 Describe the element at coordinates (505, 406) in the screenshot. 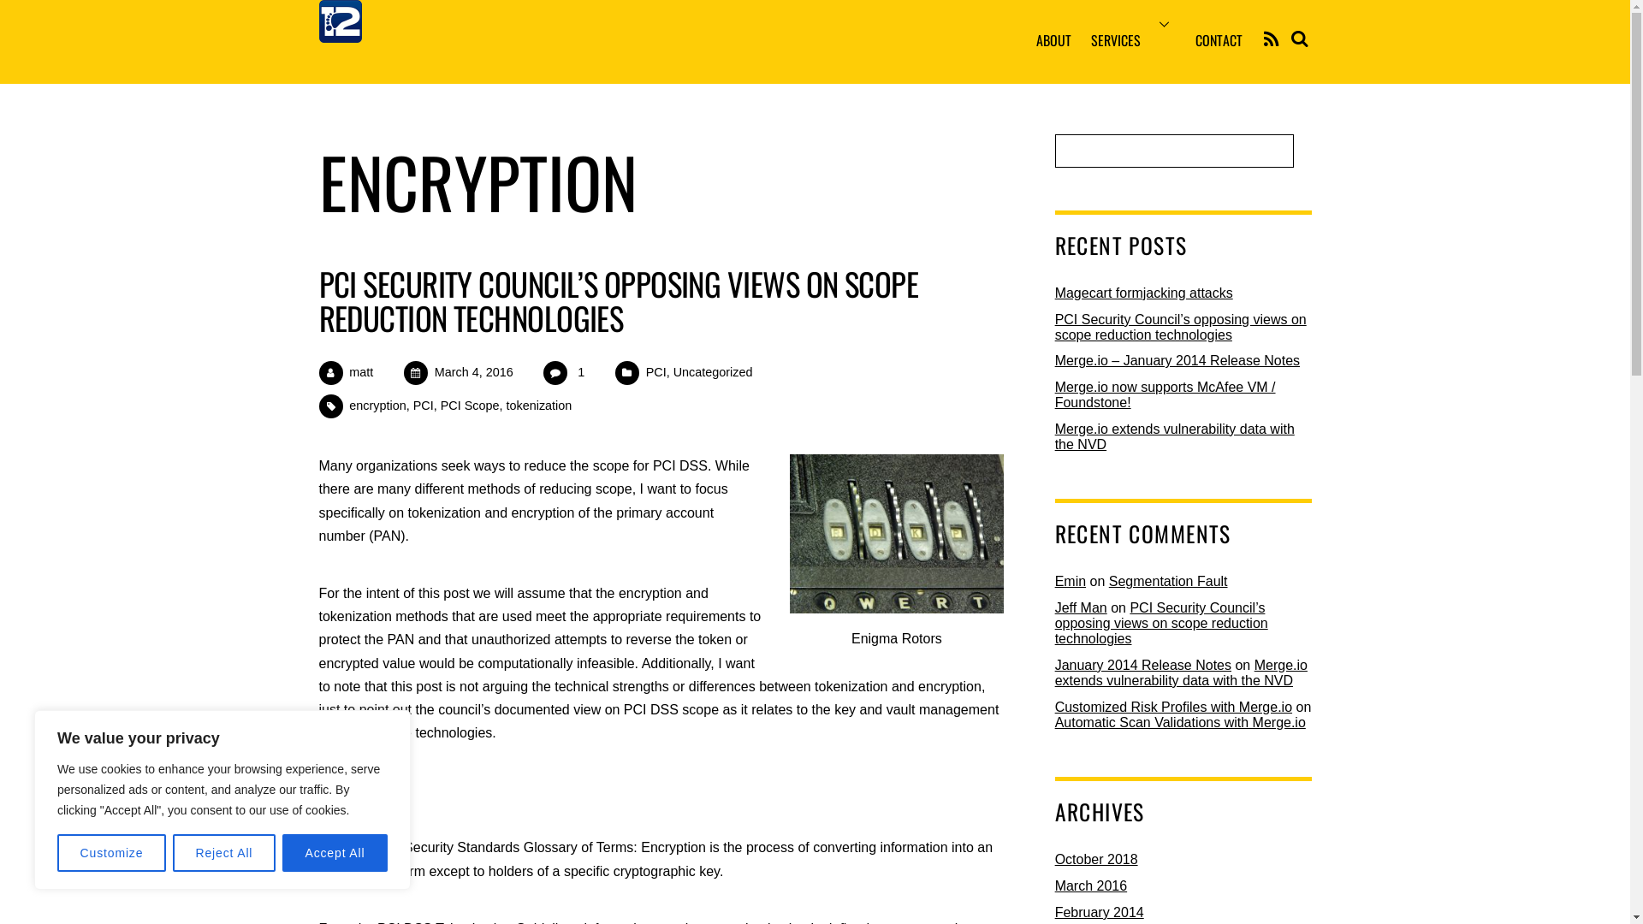

I see `'tokenization'` at that location.